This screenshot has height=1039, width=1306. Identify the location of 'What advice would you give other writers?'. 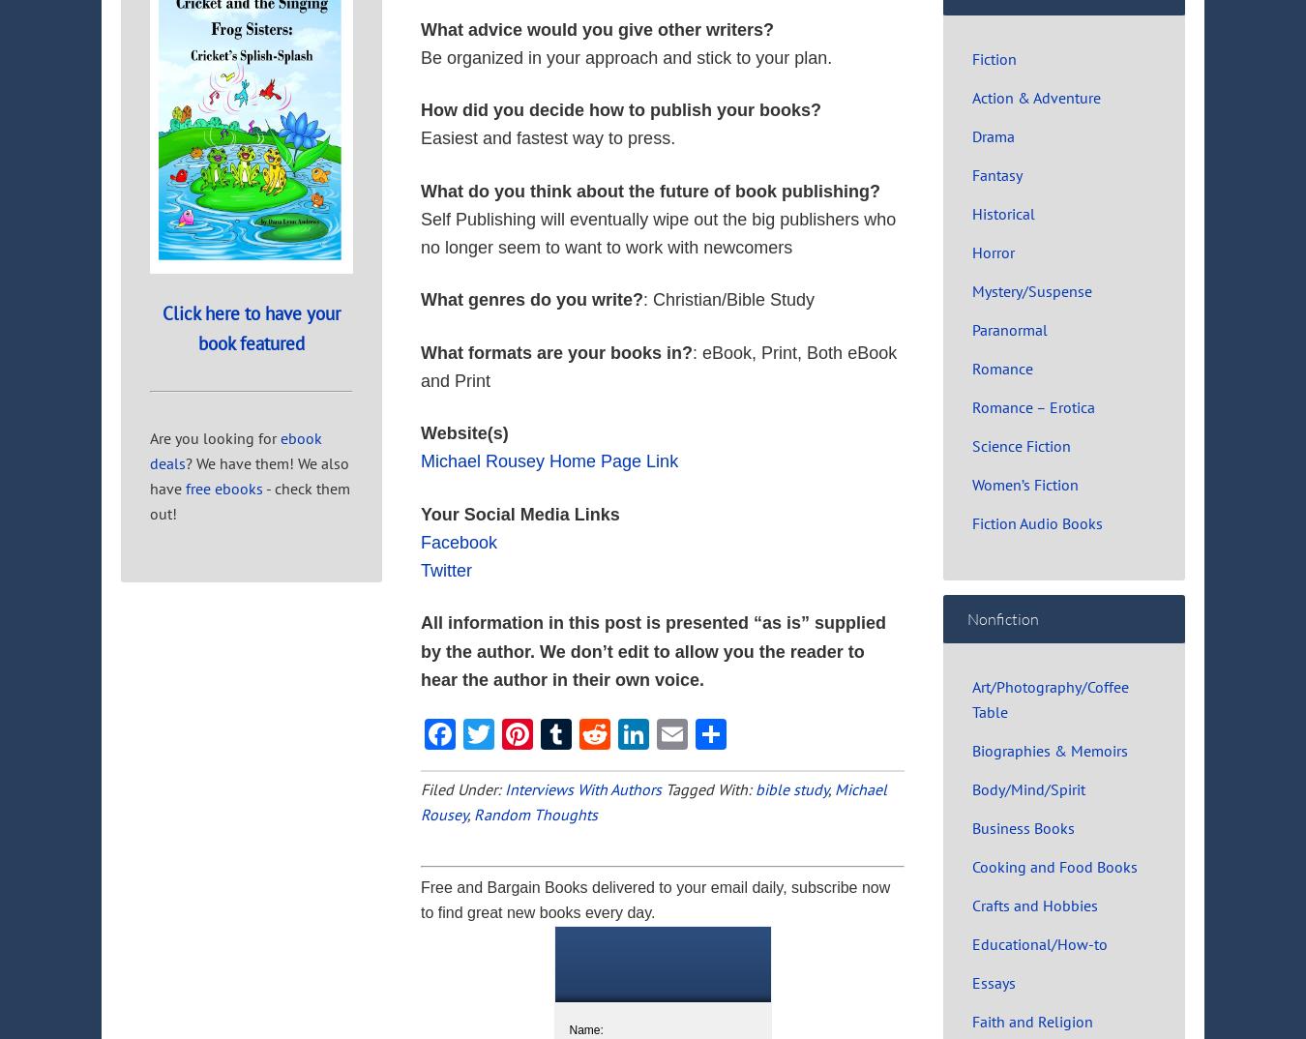
(597, 27).